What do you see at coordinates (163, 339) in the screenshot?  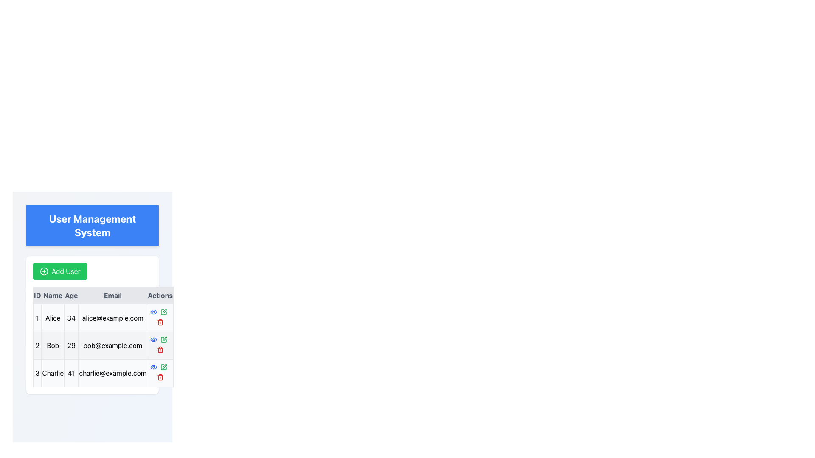 I see `the green edit icon button located in the 'Actions' column of the second row for user 'Bob'` at bounding box center [163, 339].